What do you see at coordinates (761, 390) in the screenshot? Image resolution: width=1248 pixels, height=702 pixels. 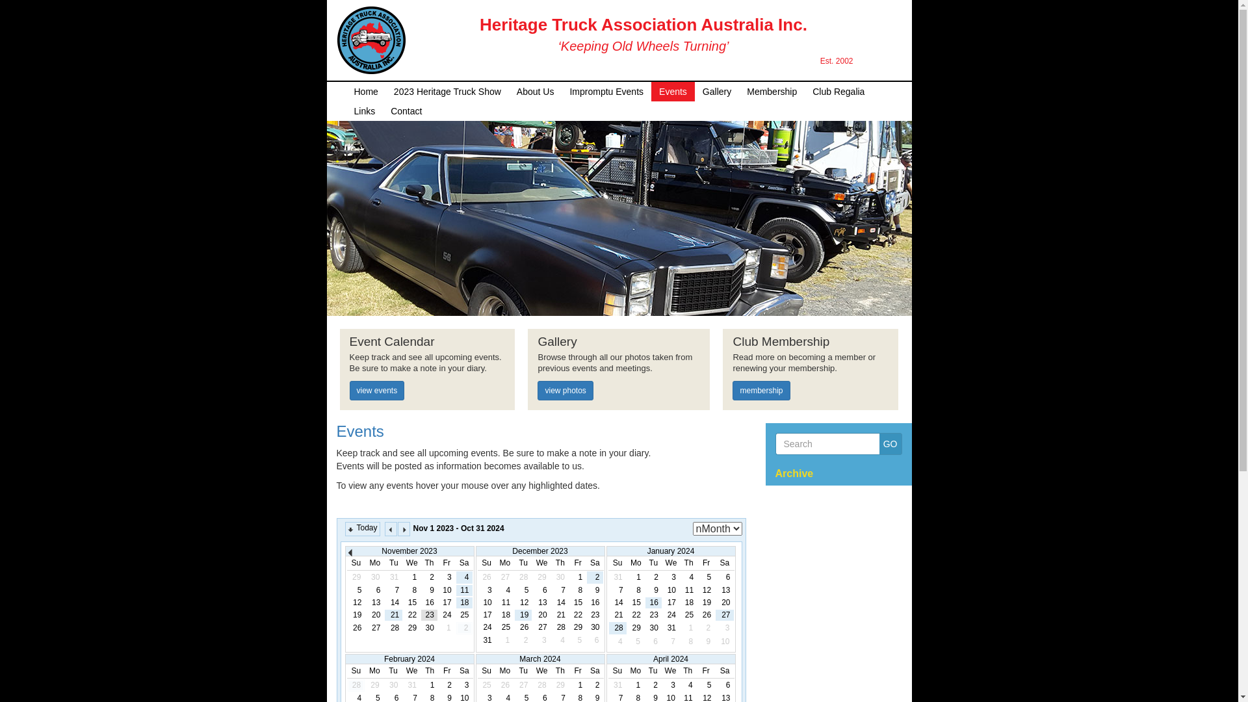 I see `'membership'` at bounding box center [761, 390].